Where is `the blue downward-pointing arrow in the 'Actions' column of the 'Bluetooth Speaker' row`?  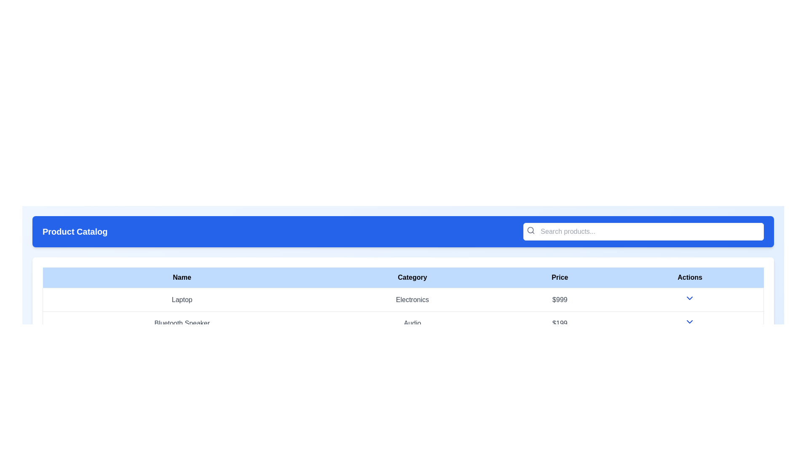 the blue downward-pointing arrow in the 'Actions' column of the 'Bluetooth Speaker' row is located at coordinates (690, 323).